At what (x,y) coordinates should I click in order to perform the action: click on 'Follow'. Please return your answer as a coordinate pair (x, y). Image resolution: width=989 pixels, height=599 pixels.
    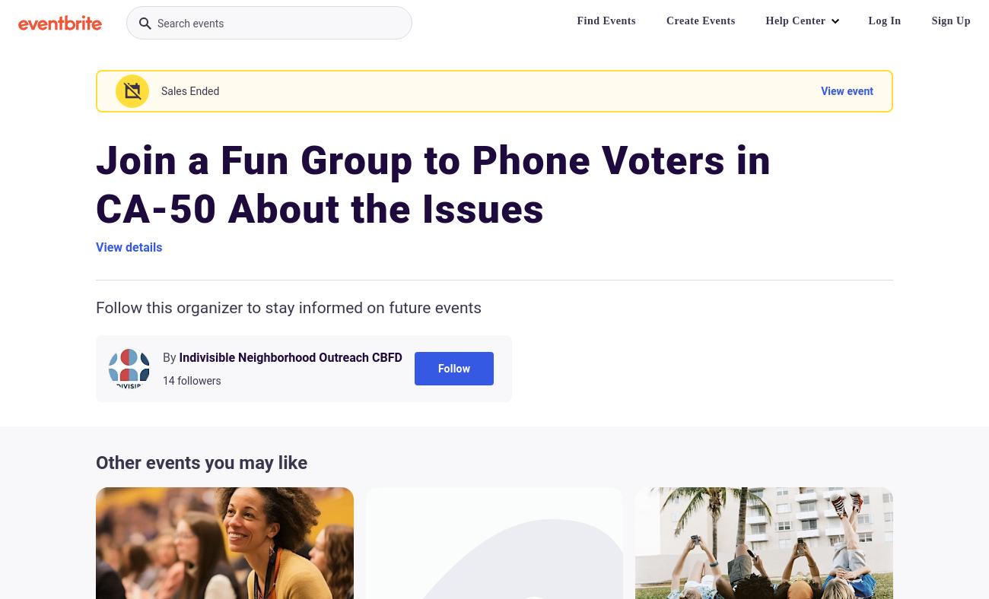
    Looking at the image, I should click on (453, 368).